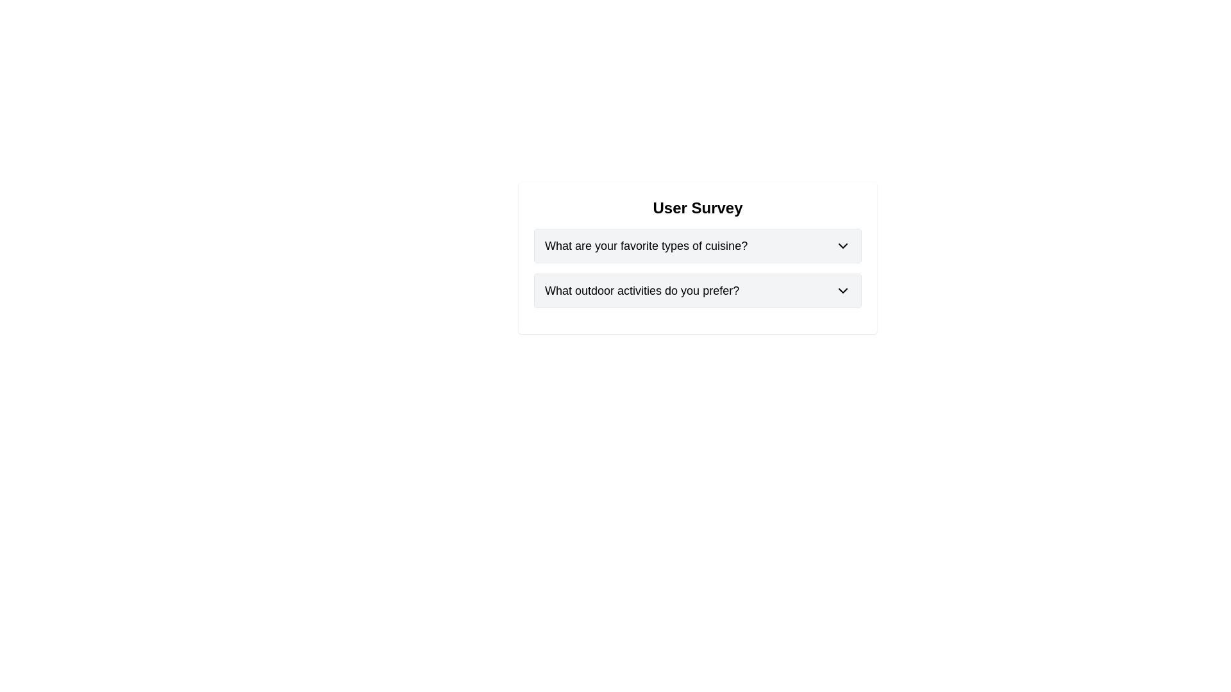 This screenshot has width=1231, height=692. I want to click on the dropdown menu element labeled 'What outdoor activities do you prefer?', so click(697, 291).